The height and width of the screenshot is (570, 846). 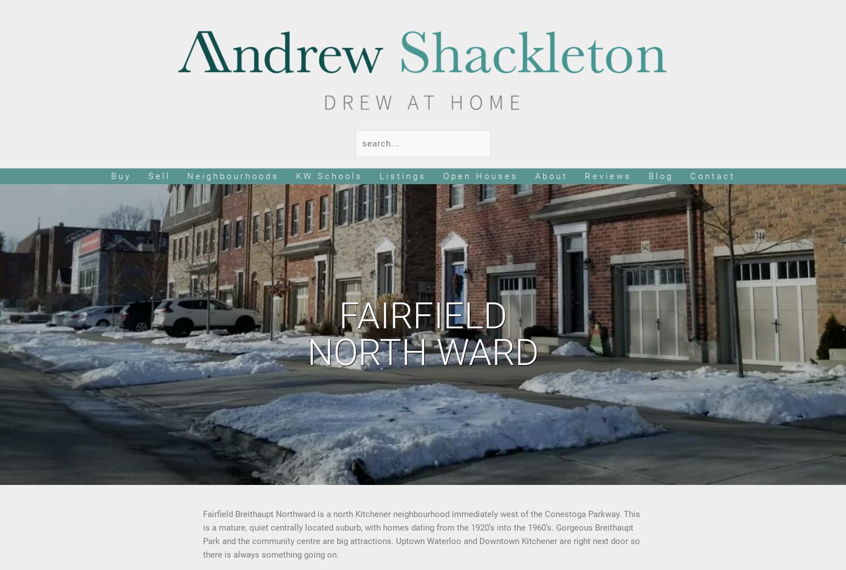 What do you see at coordinates (158, 176) in the screenshot?
I see `'Sell'` at bounding box center [158, 176].